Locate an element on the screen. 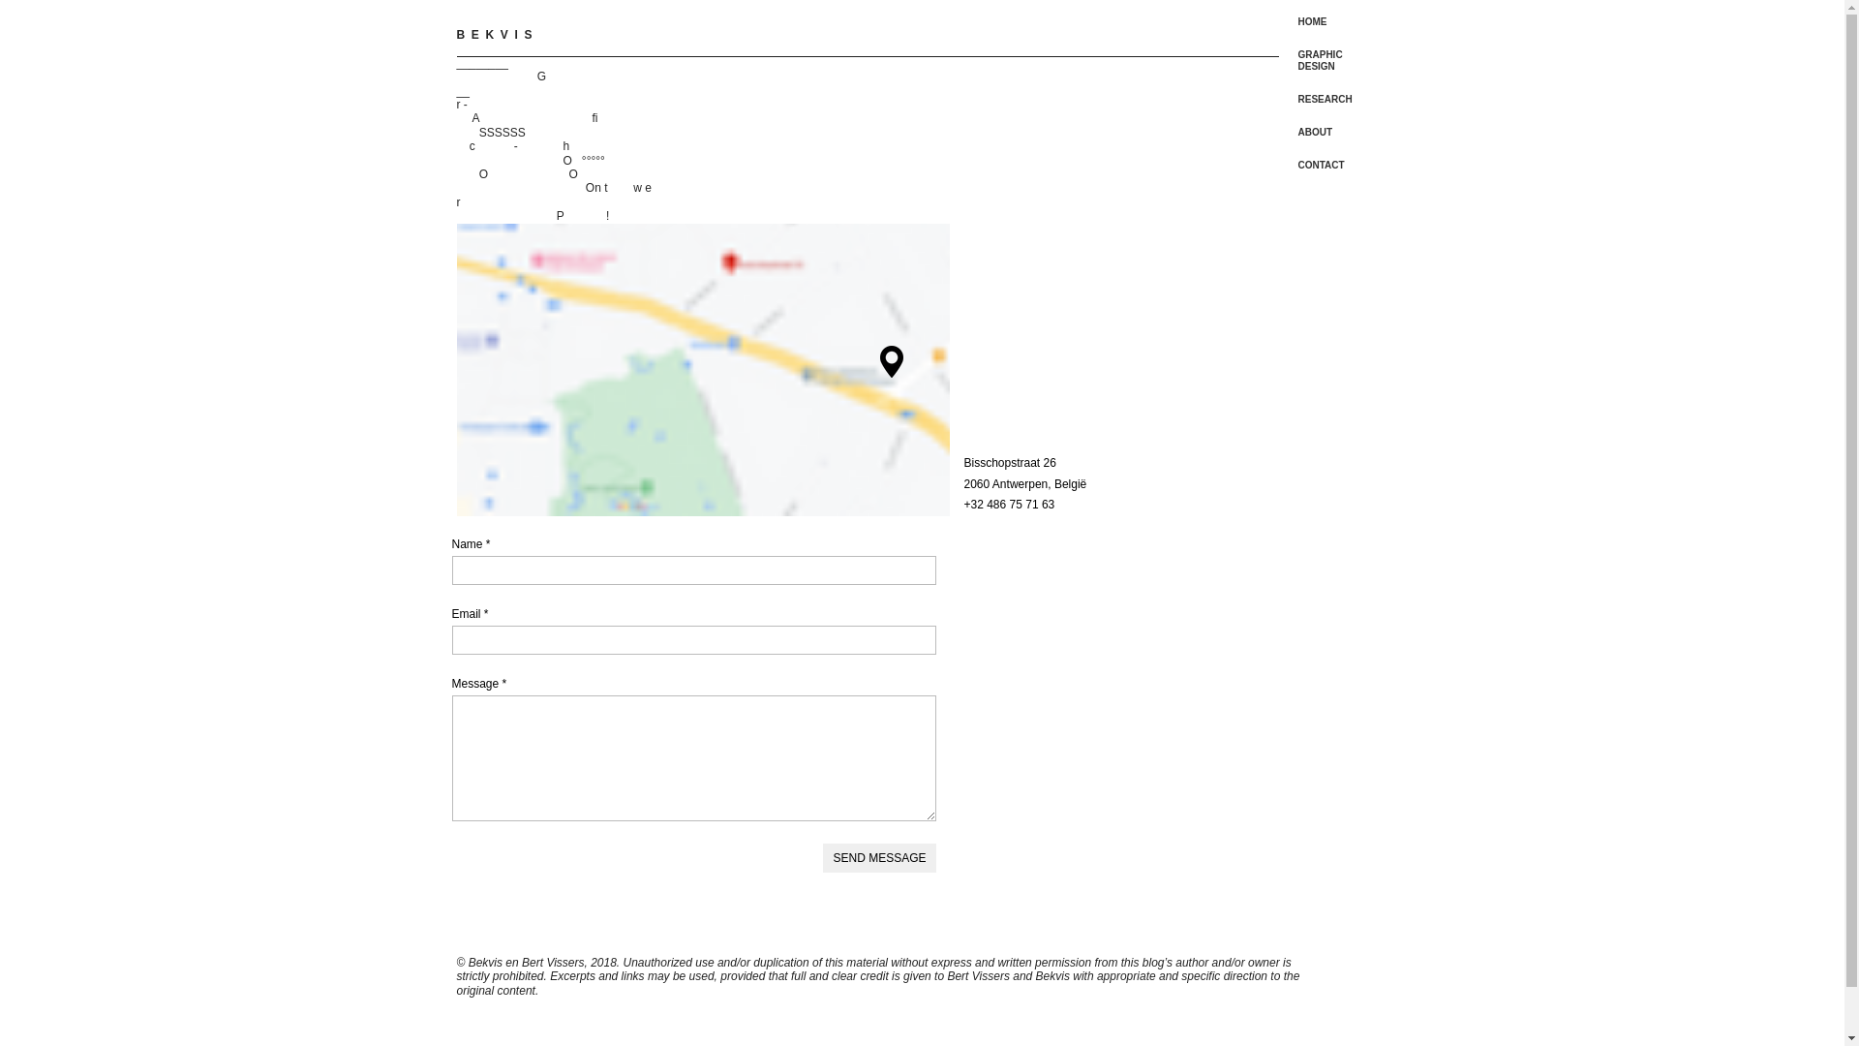 Image resolution: width=1859 pixels, height=1046 pixels. 'CONTACT' is located at coordinates (1278, 164).